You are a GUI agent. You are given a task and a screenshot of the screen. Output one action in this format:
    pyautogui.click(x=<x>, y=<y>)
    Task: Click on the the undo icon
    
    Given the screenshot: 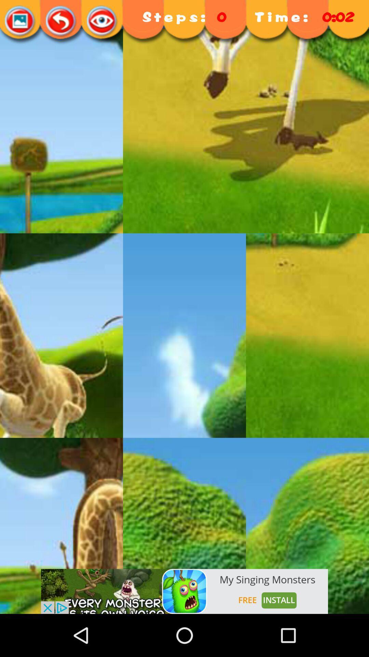 What is the action you would take?
    pyautogui.click(x=61, y=21)
    